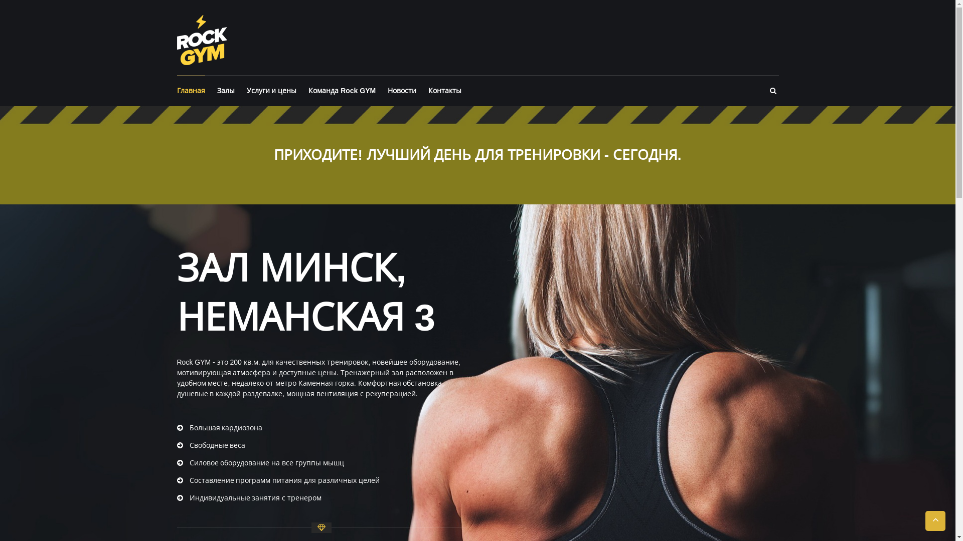 Image resolution: width=963 pixels, height=541 pixels. What do you see at coordinates (201, 39) in the screenshot?
I see `'Rock GYM'` at bounding box center [201, 39].